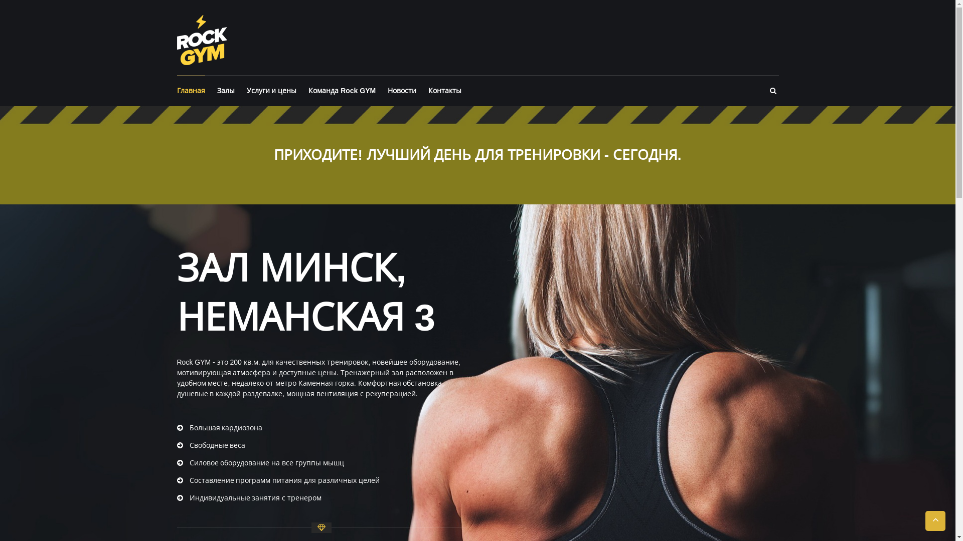 Image resolution: width=963 pixels, height=541 pixels. What do you see at coordinates (201, 39) in the screenshot?
I see `'Rock GYM'` at bounding box center [201, 39].